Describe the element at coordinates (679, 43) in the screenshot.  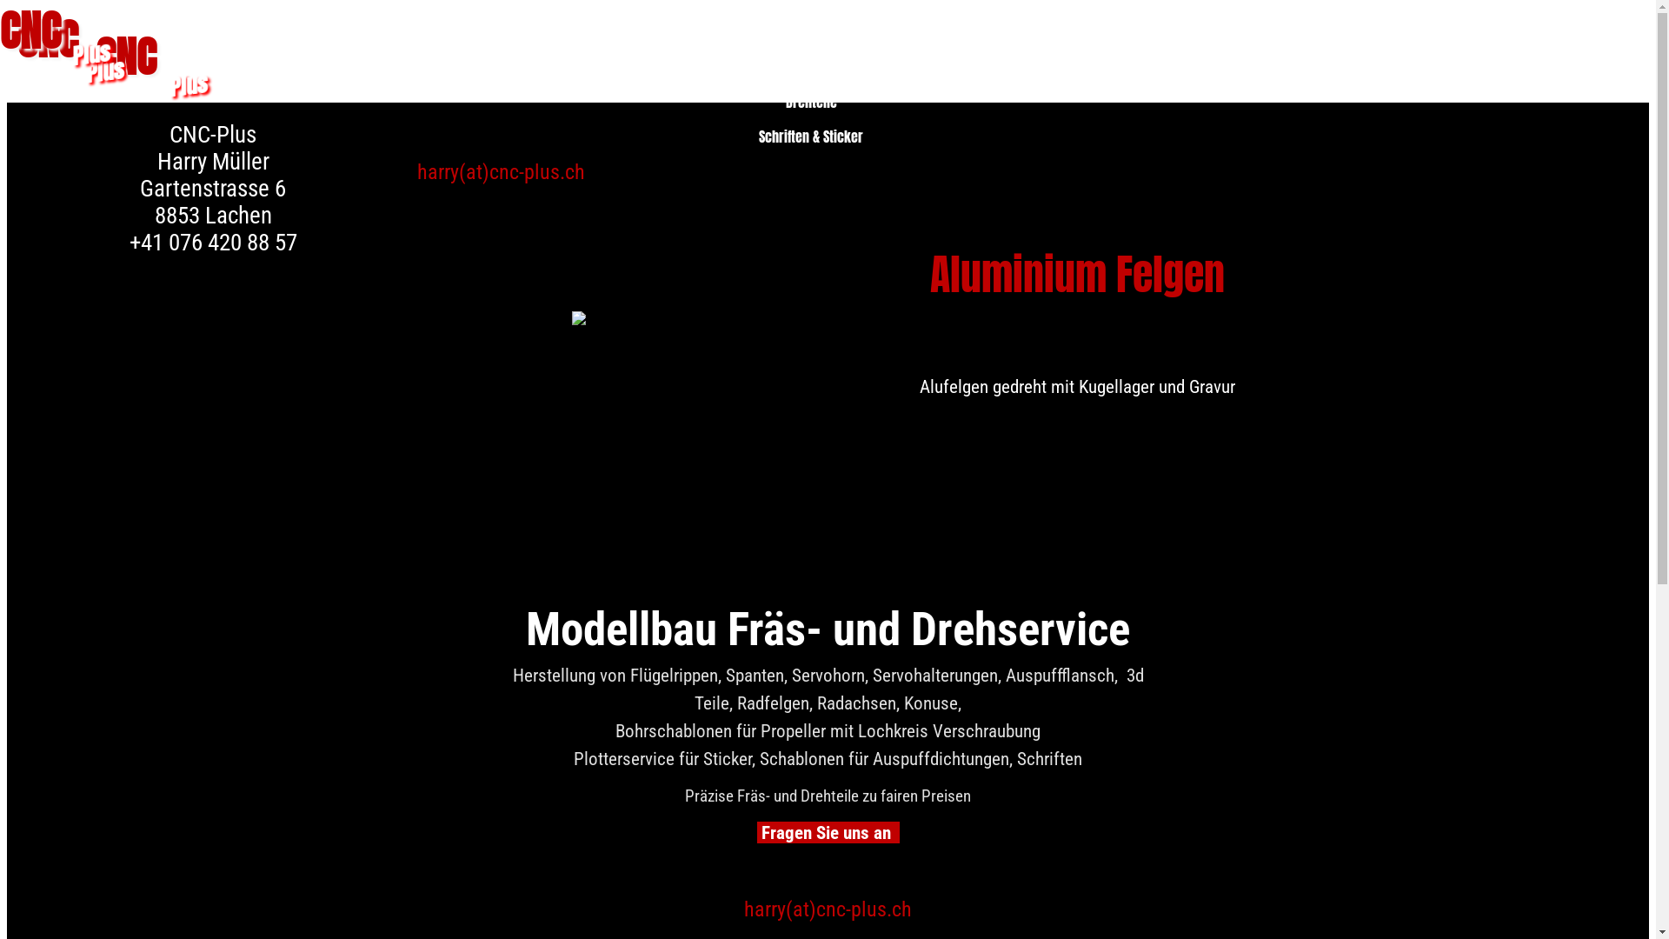
I see `'Homepage'` at that location.